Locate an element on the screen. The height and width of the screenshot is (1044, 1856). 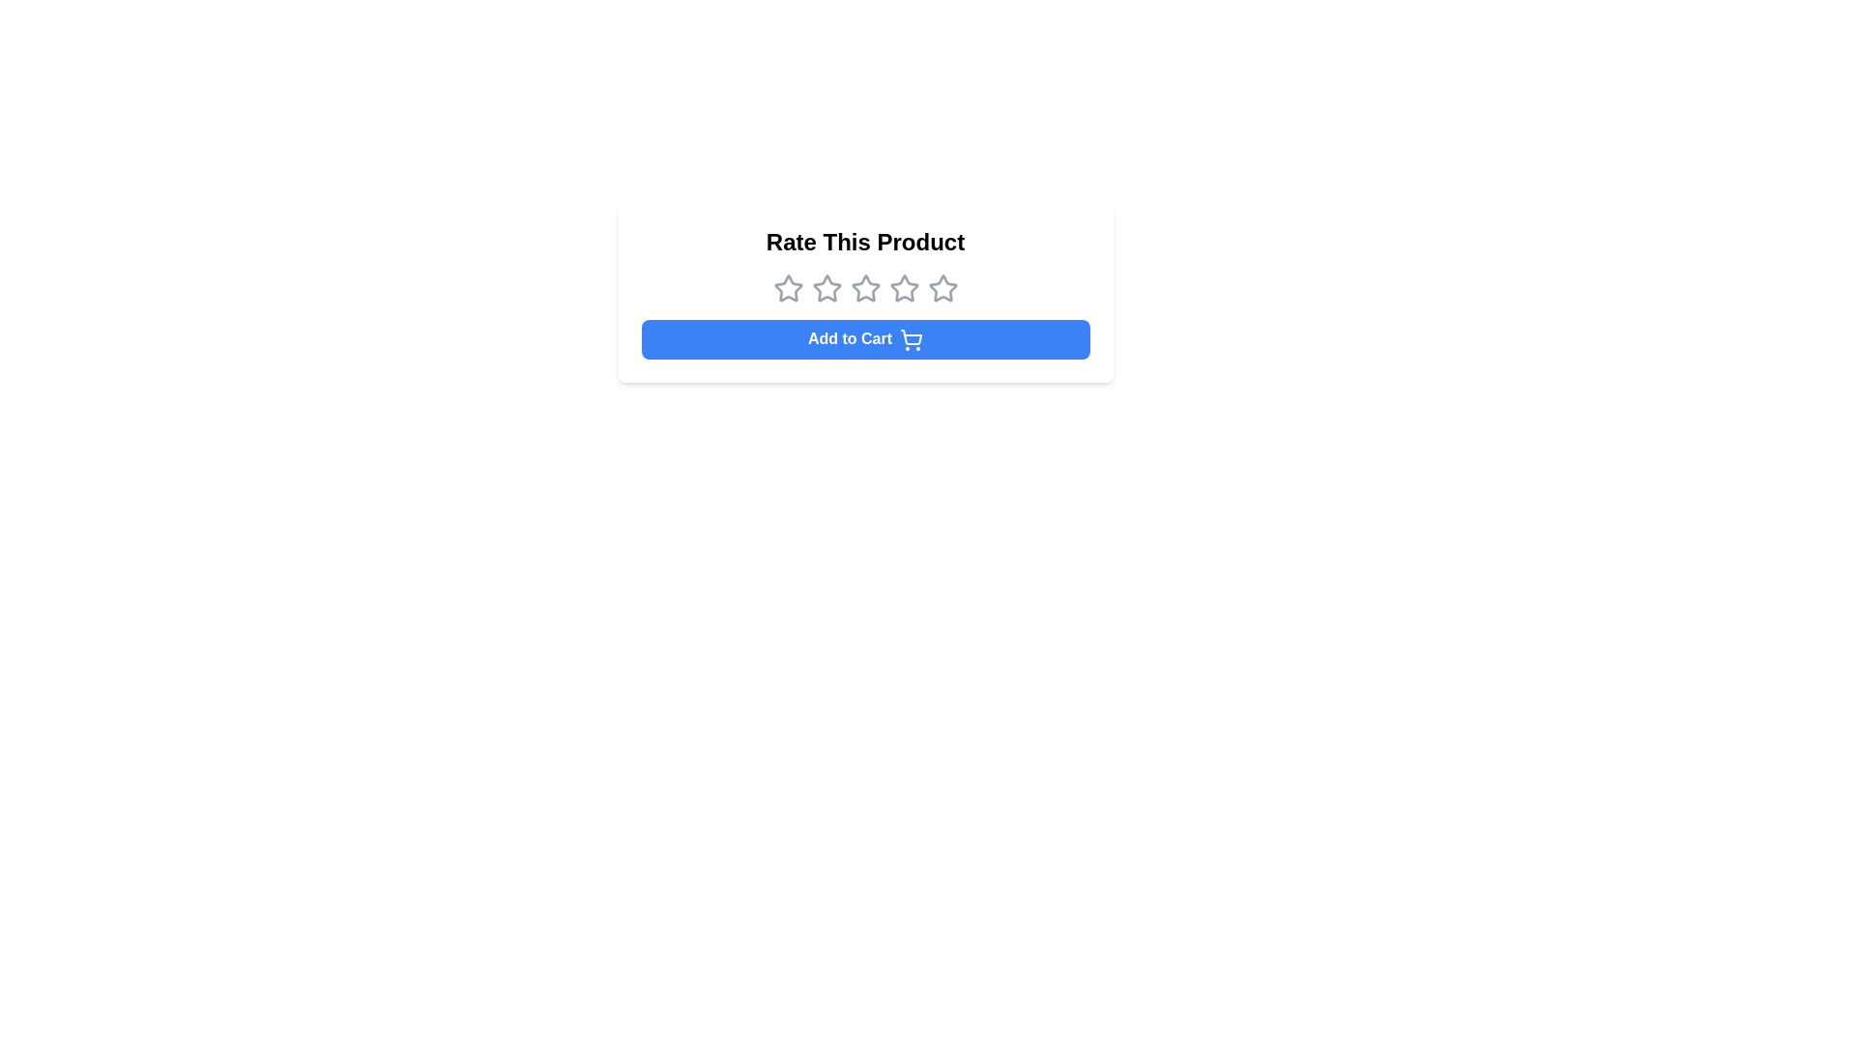
the third star in the rating stars located beneath 'Rate This Product' is located at coordinates (864, 289).